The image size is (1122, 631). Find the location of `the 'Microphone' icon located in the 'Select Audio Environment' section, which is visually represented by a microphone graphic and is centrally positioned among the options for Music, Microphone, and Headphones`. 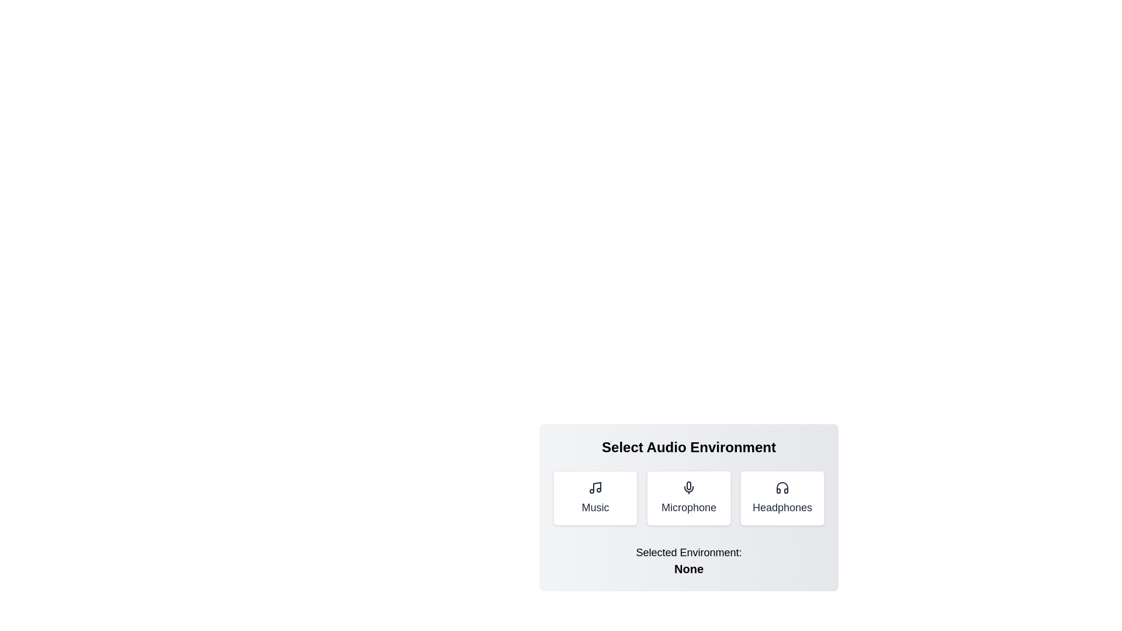

the 'Microphone' icon located in the 'Select Audio Environment' section, which is visually represented by a microphone graphic and is centrally positioned among the options for Music, Microphone, and Headphones is located at coordinates (689, 487).